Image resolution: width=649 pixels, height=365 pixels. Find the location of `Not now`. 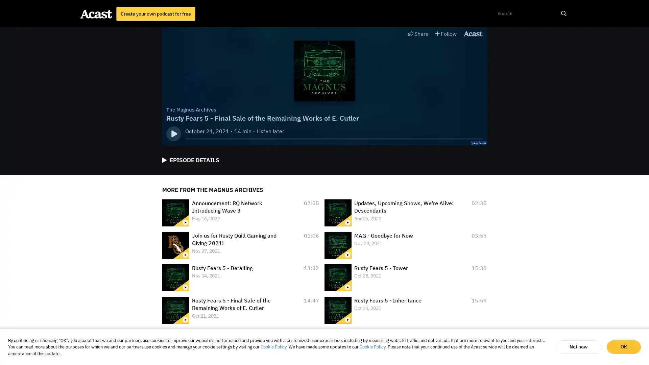

Not now is located at coordinates (578, 347).